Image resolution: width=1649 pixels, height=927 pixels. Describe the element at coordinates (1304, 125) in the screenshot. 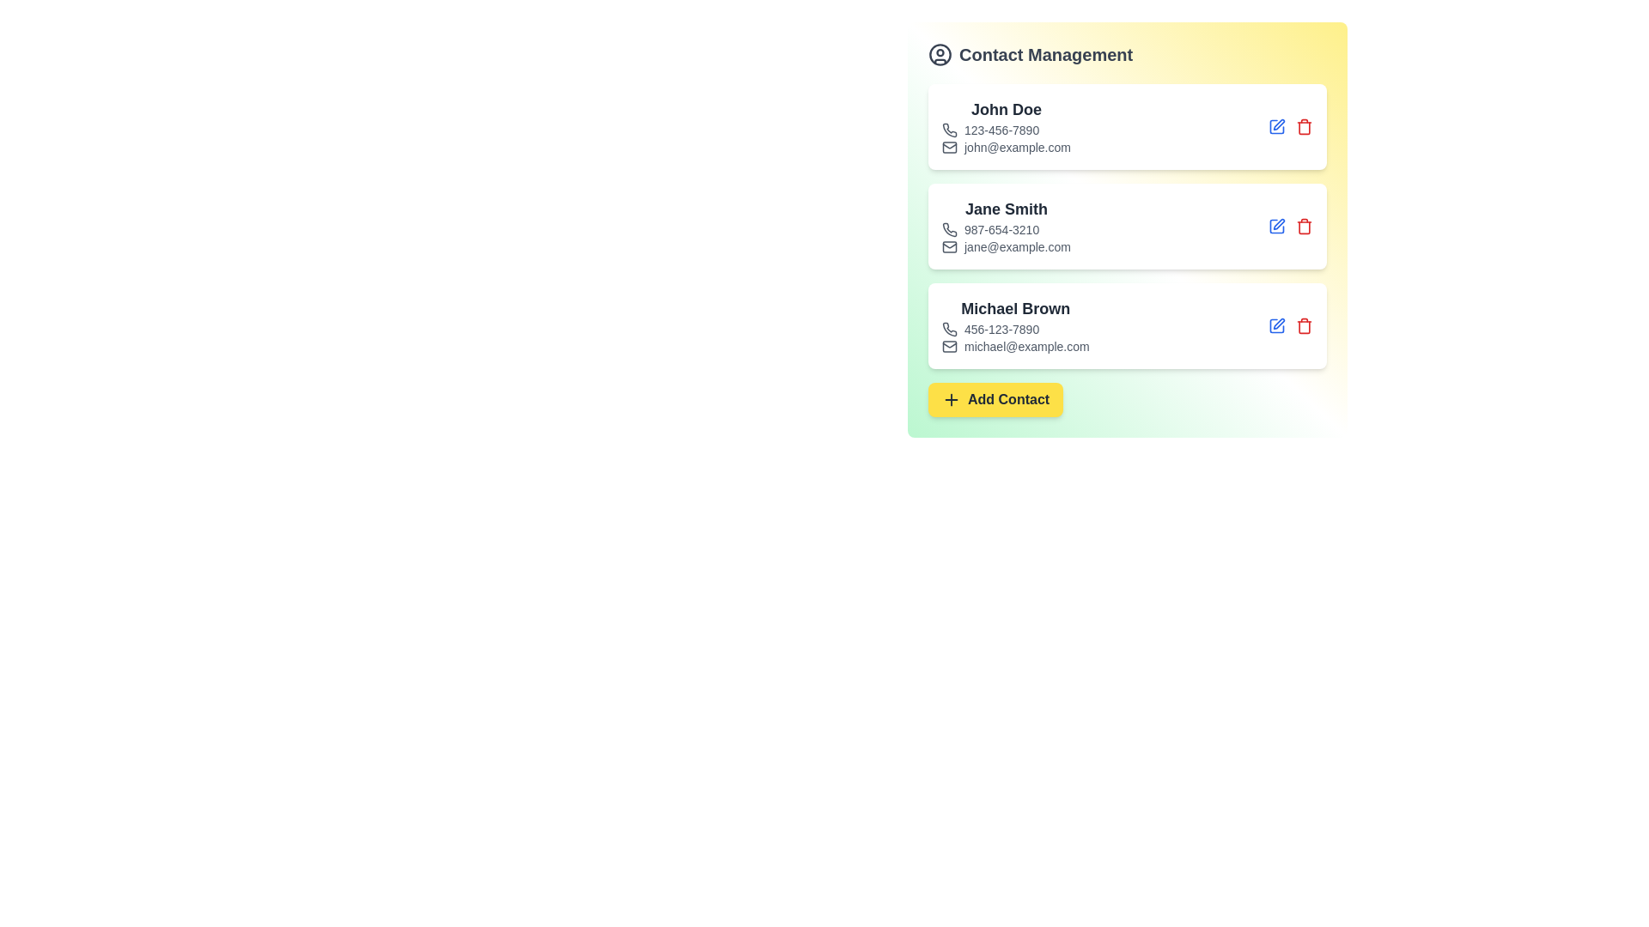

I see `delete button for the contact with name John Doe` at that location.